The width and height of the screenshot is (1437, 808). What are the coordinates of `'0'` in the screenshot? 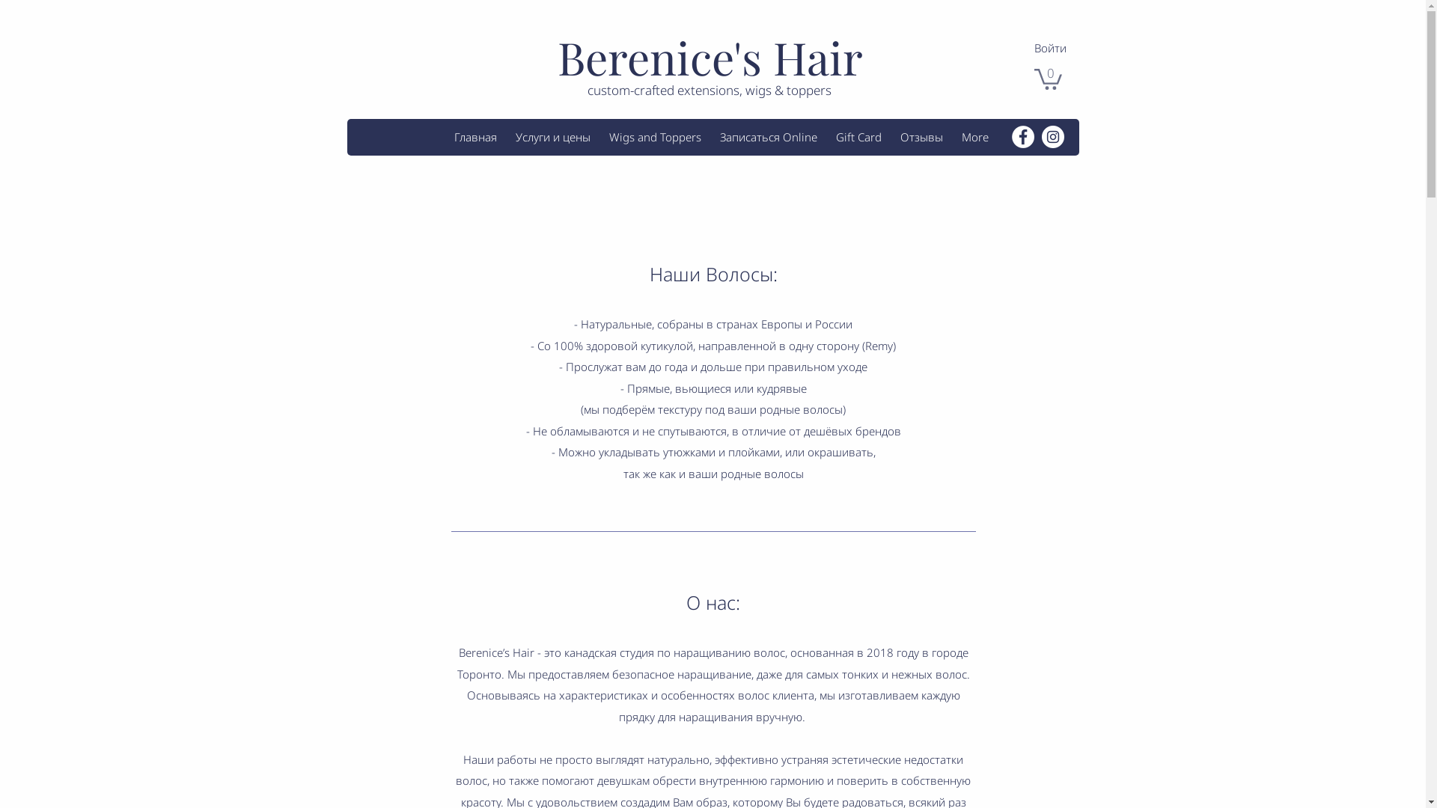 It's located at (1047, 78).